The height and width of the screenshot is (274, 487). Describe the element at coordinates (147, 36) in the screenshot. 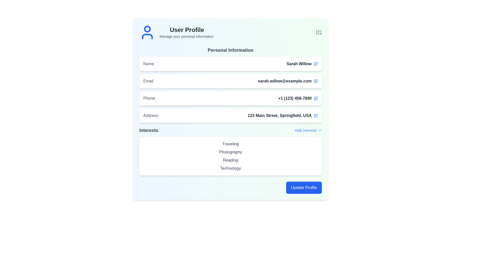

I see `the curved line representing the shoulders and chest of the avatar icon located in the top-left corner of the user profile section` at that location.